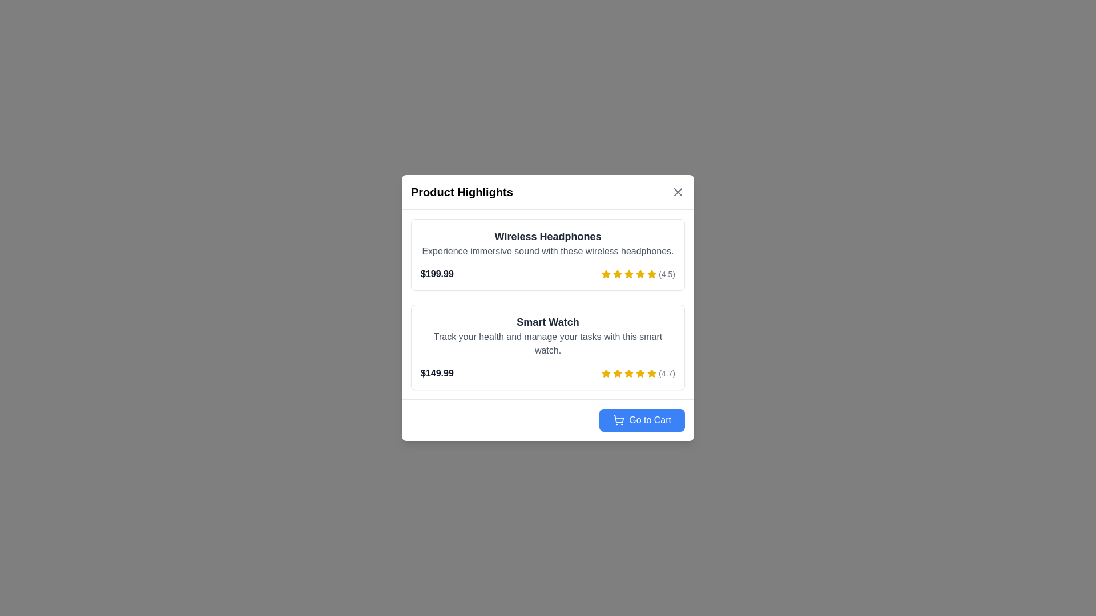 This screenshot has width=1096, height=616. Describe the element at coordinates (638, 274) in the screenshot. I see `the Rating display widget, which shows the product rating and is located to the right of the price '$199.99' for 'Wireless Headphones'` at that location.